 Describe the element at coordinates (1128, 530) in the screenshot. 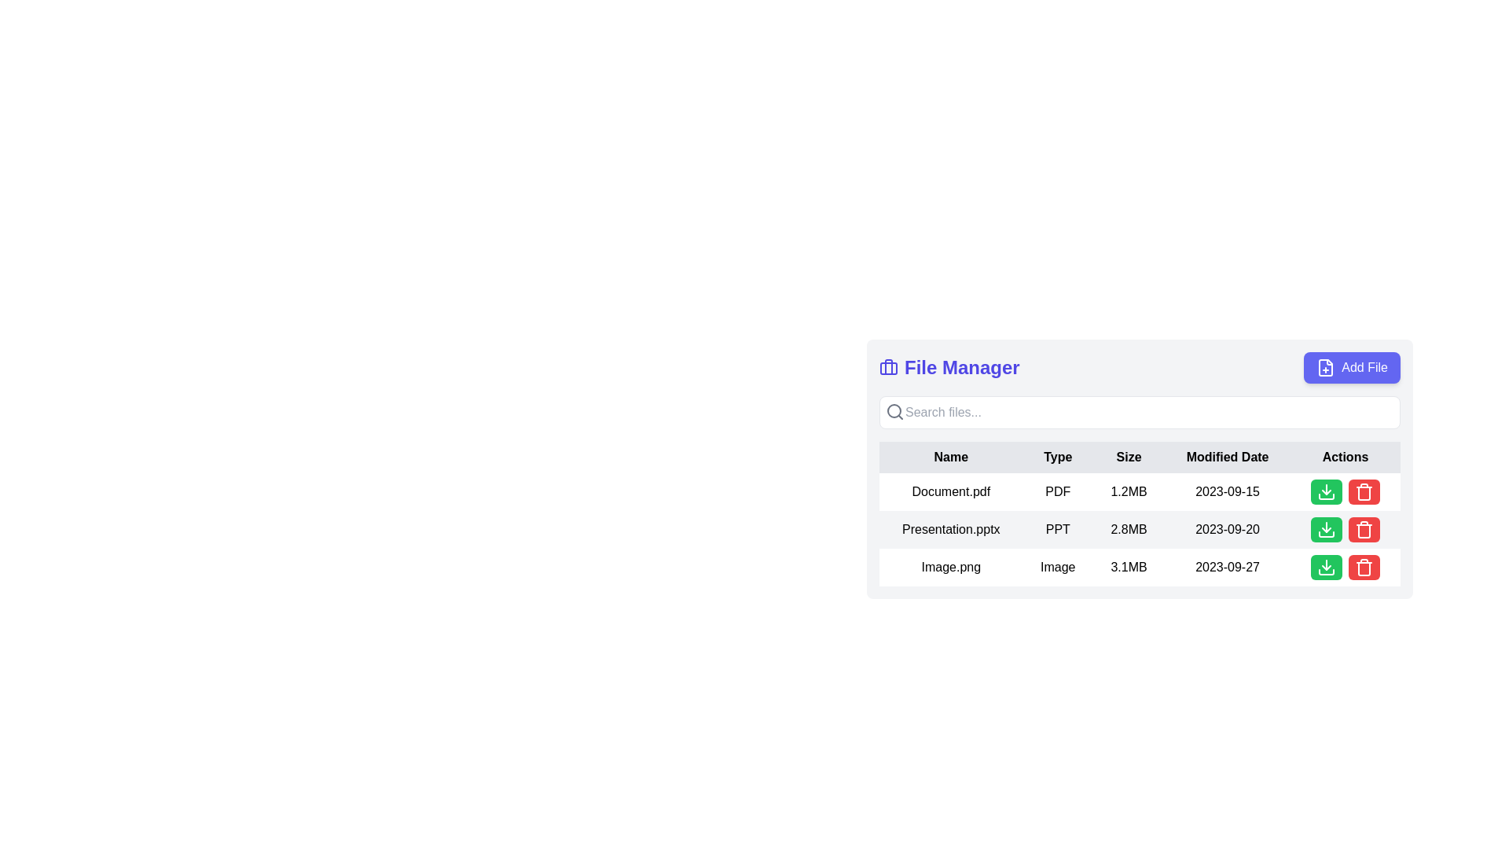

I see `the text label displaying '2.8MB' in the 'Size' column of the file manager, corresponding to the file named 'Presentation.pptx'` at that location.